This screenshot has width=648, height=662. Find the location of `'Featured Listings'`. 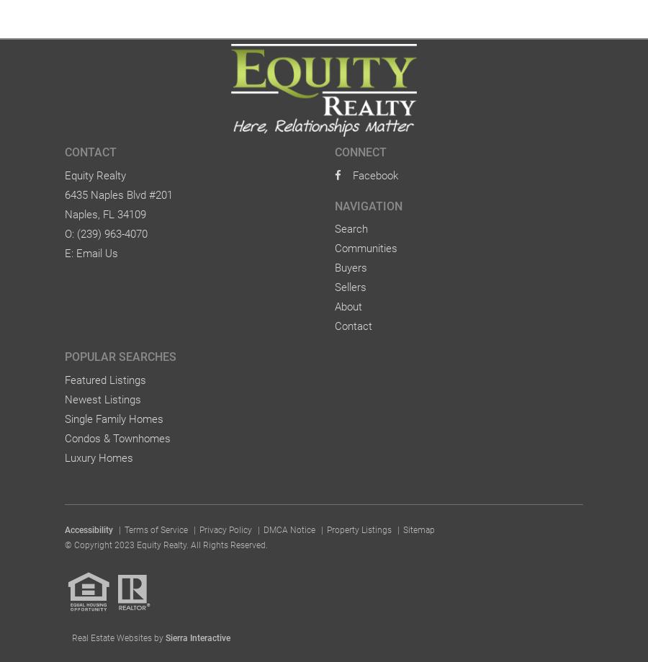

'Featured Listings' is located at coordinates (105, 378).